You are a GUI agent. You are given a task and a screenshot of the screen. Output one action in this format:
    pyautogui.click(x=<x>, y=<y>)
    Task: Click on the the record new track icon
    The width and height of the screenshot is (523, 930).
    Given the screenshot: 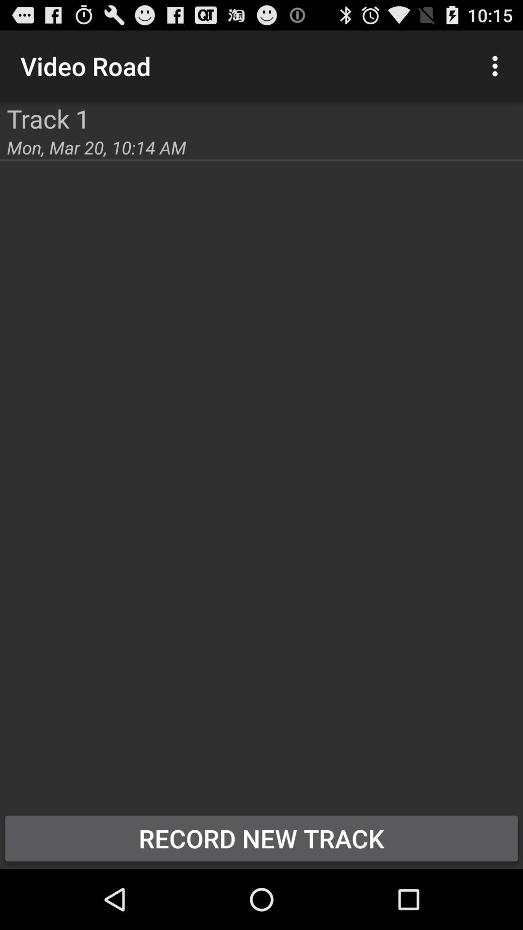 What is the action you would take?
    pyautogui.click(x=261, y=838)
    